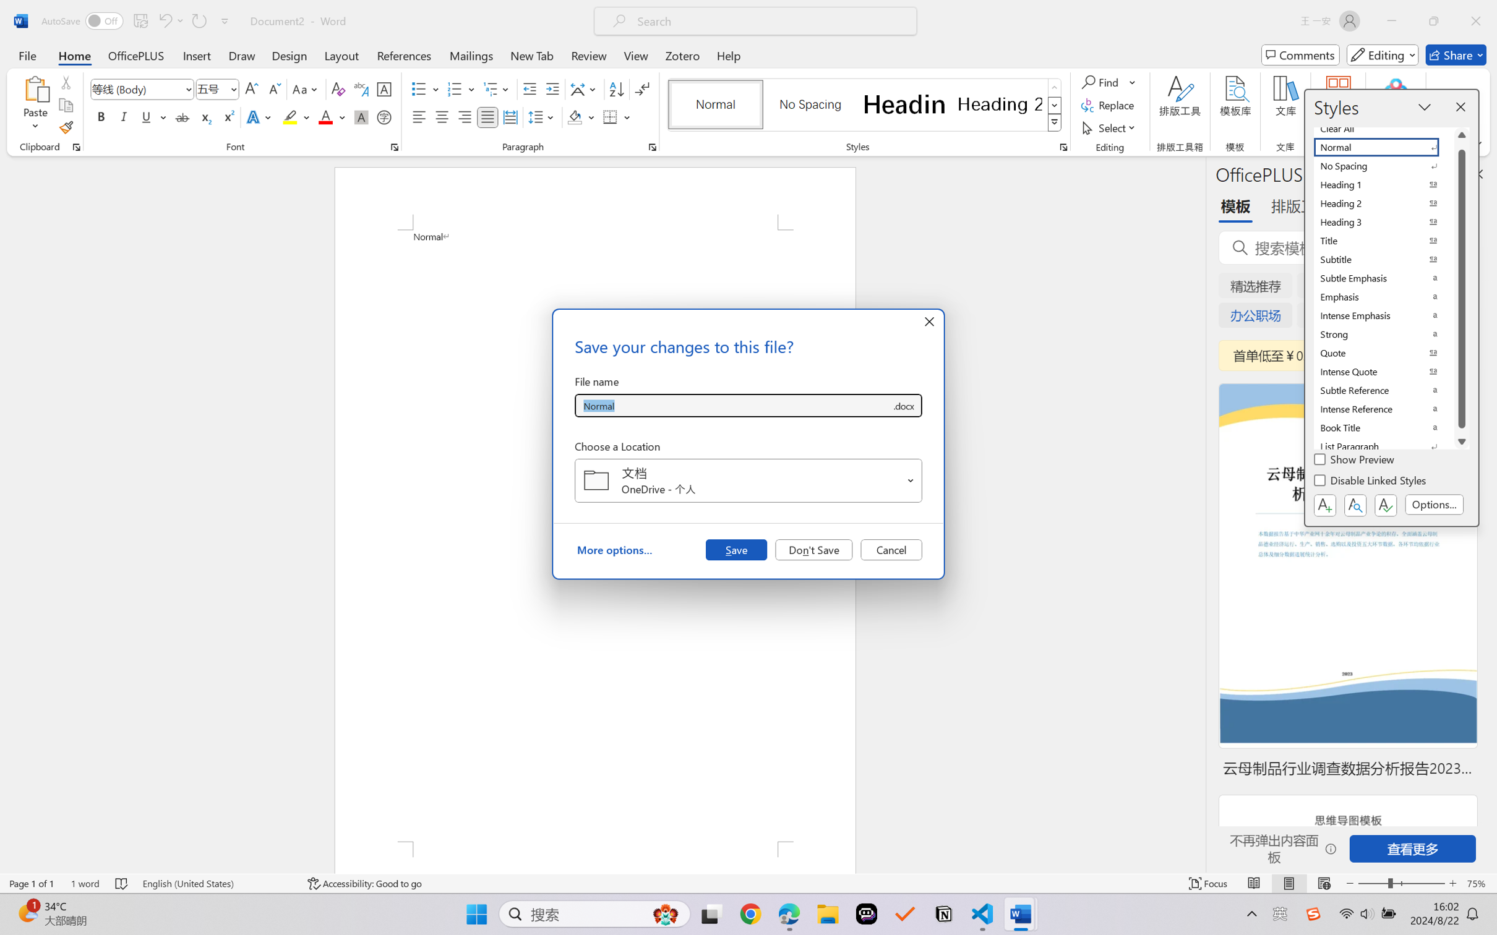 The width and height of the screenshot is (1497, 935). I want to click on 'Clear All', so click(1384, 128).